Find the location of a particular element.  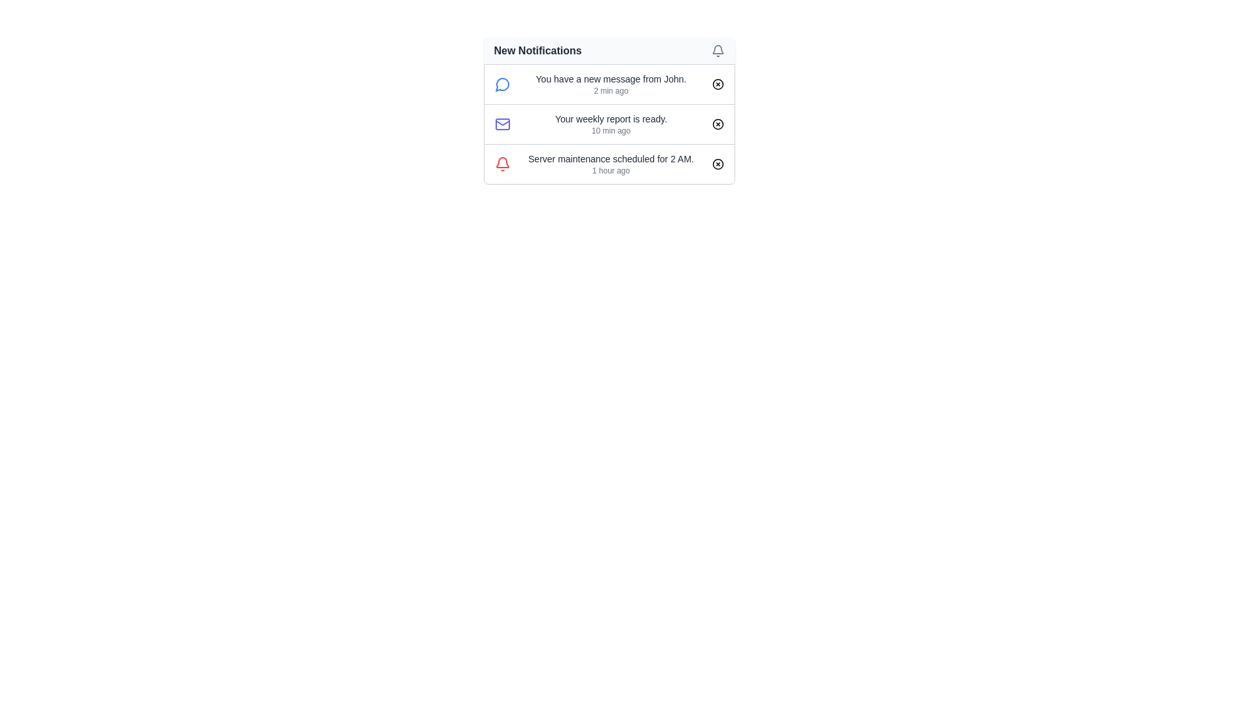

the gray text label reading '2 min ago', which is located below the message 'You have a new message from John.' in the notifications list is located at coordinates (610, 90).